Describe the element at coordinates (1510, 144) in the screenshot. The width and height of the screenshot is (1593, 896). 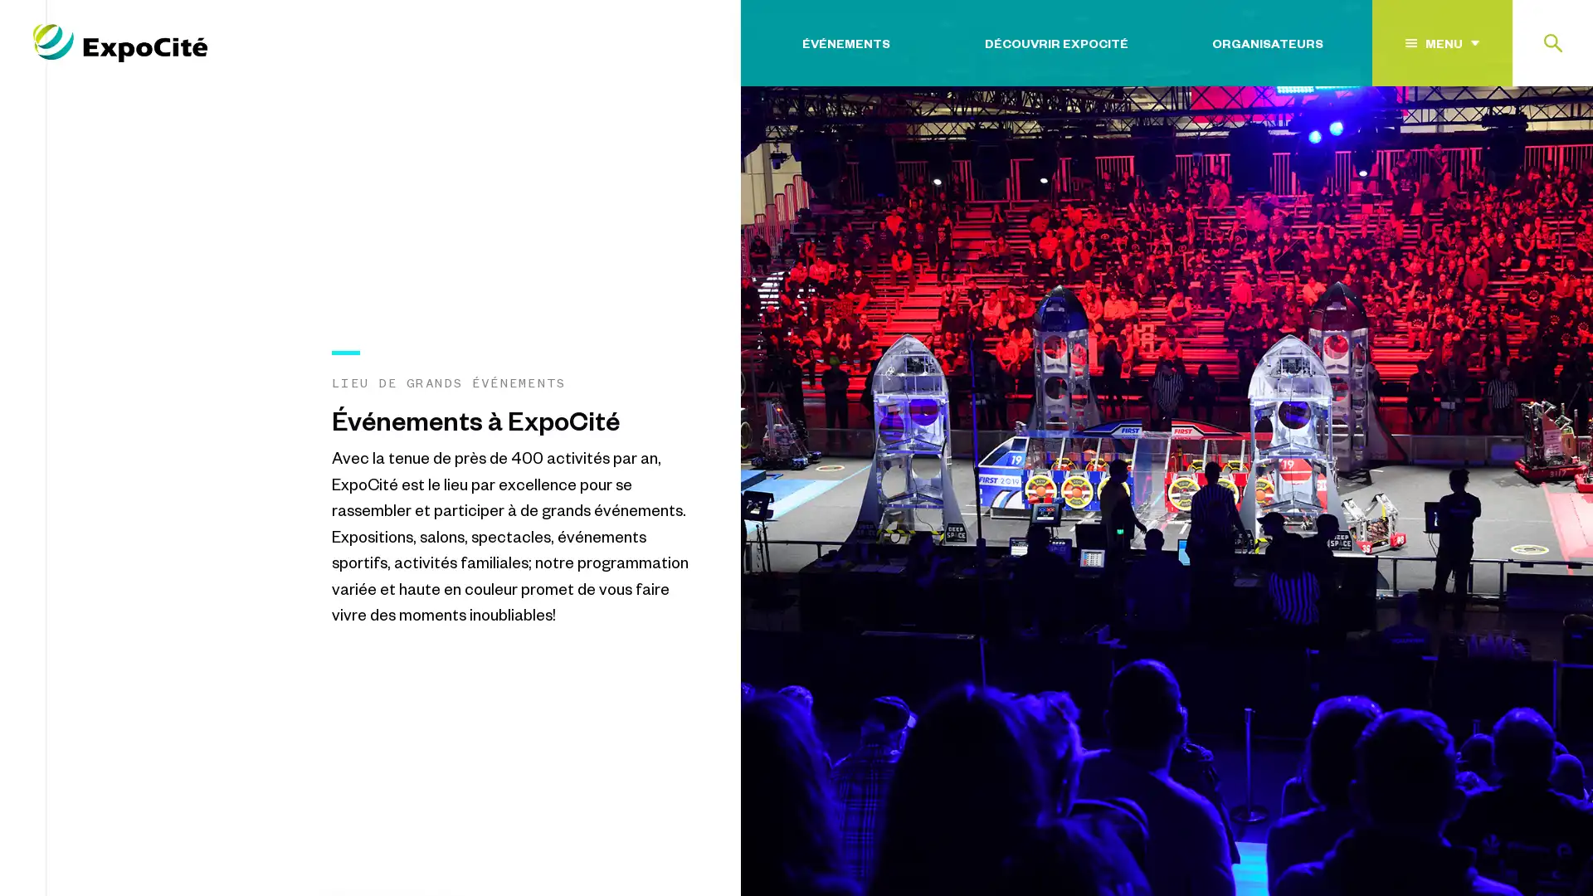
I see `TROUVER` at that location.